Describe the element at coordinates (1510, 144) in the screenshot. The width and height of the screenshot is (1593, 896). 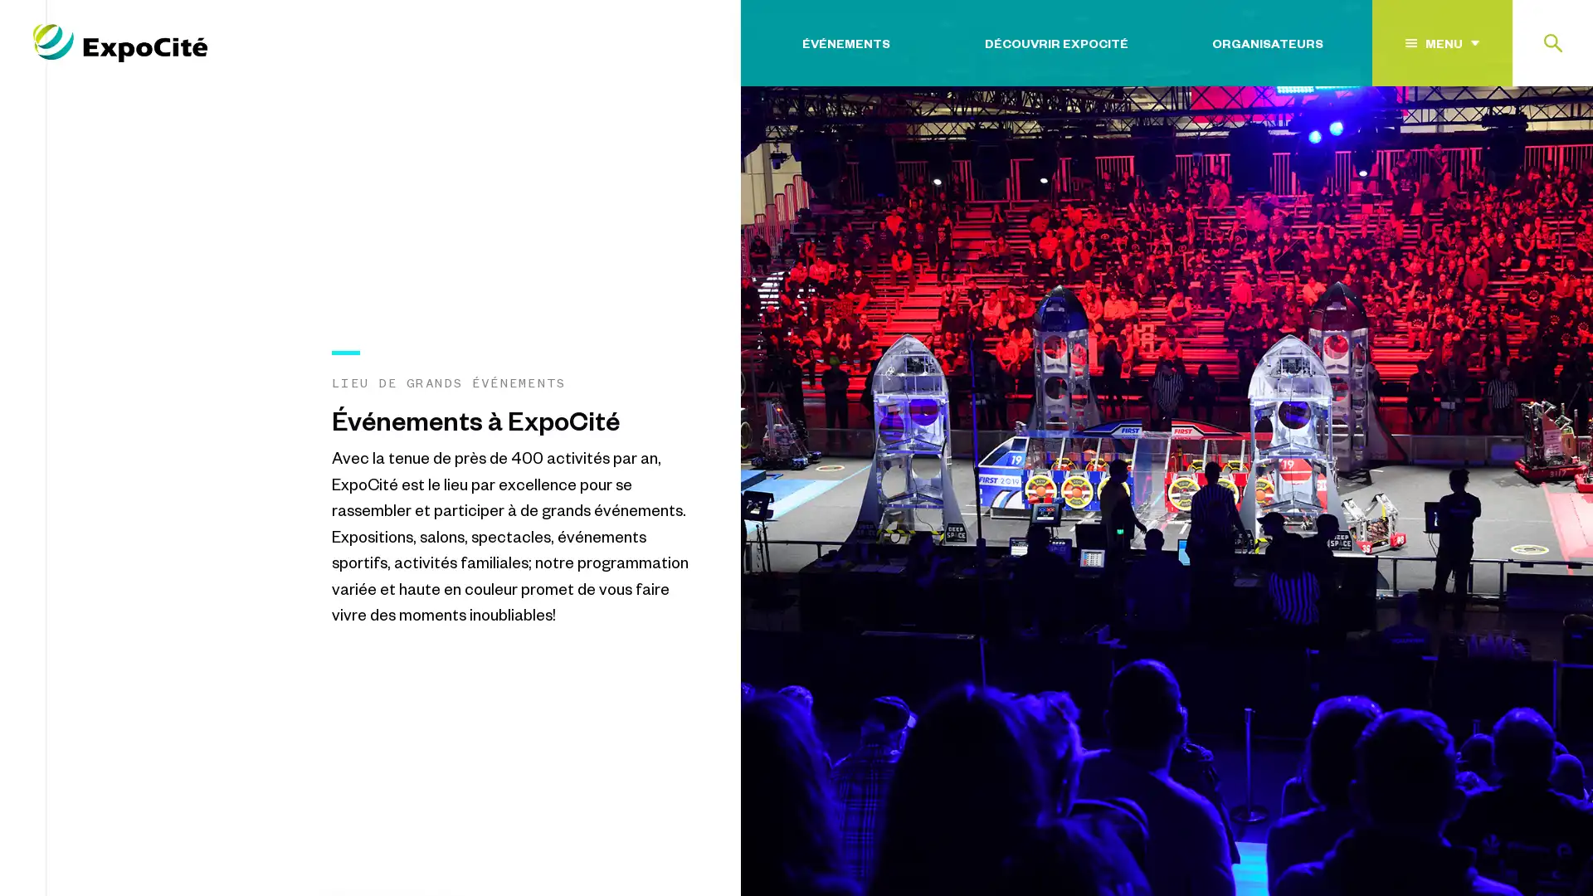
I see `TROUVER` at that location.